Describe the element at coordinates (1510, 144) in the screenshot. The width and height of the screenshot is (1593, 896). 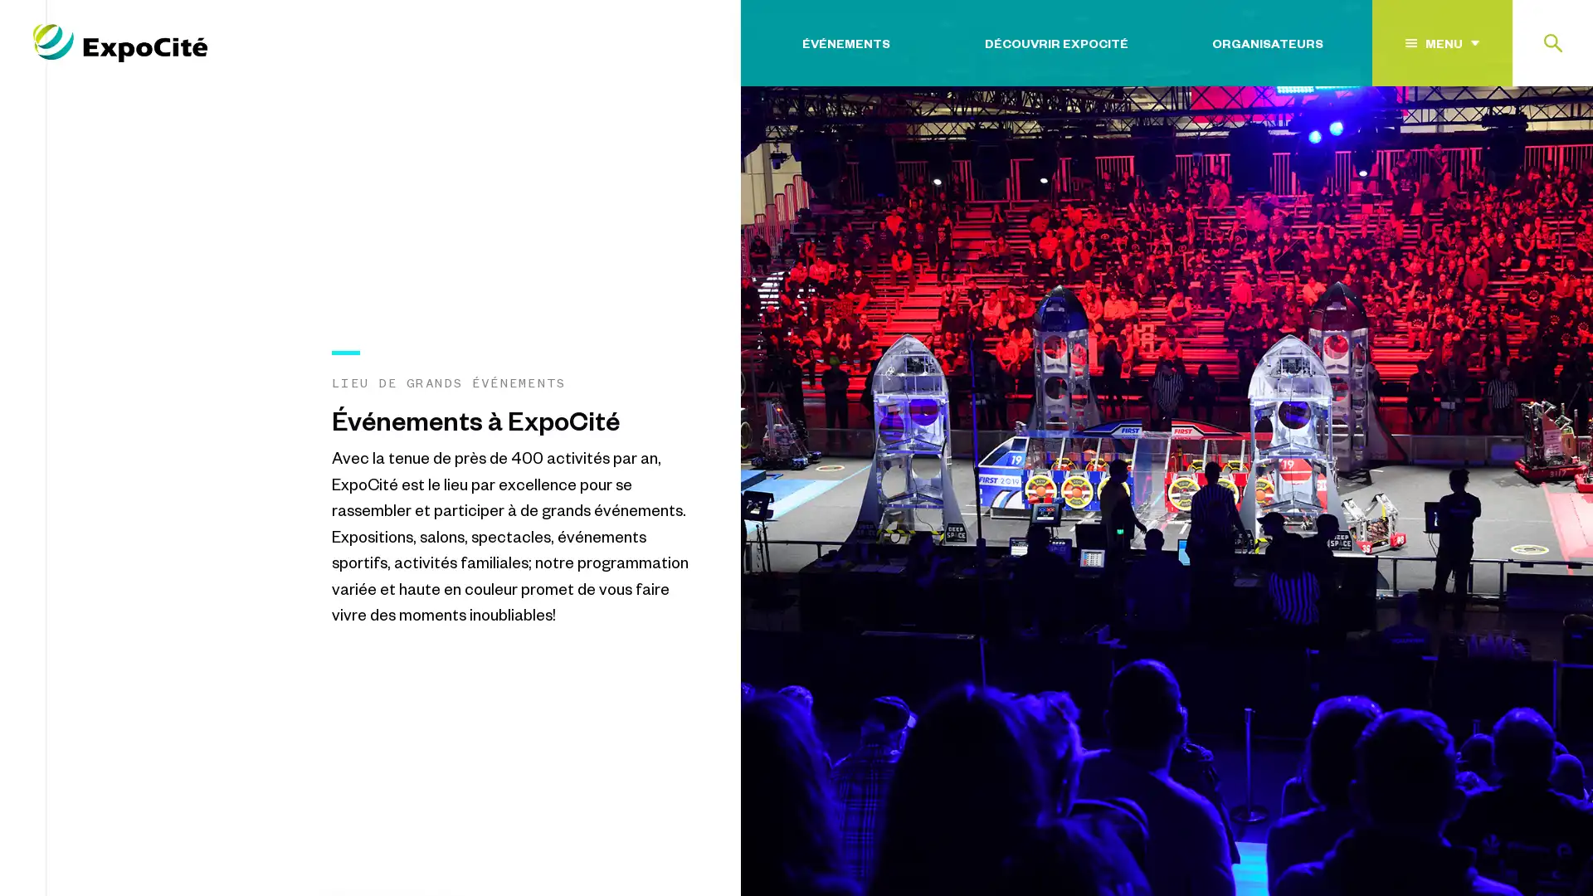
I see `TROUVER` at that location.